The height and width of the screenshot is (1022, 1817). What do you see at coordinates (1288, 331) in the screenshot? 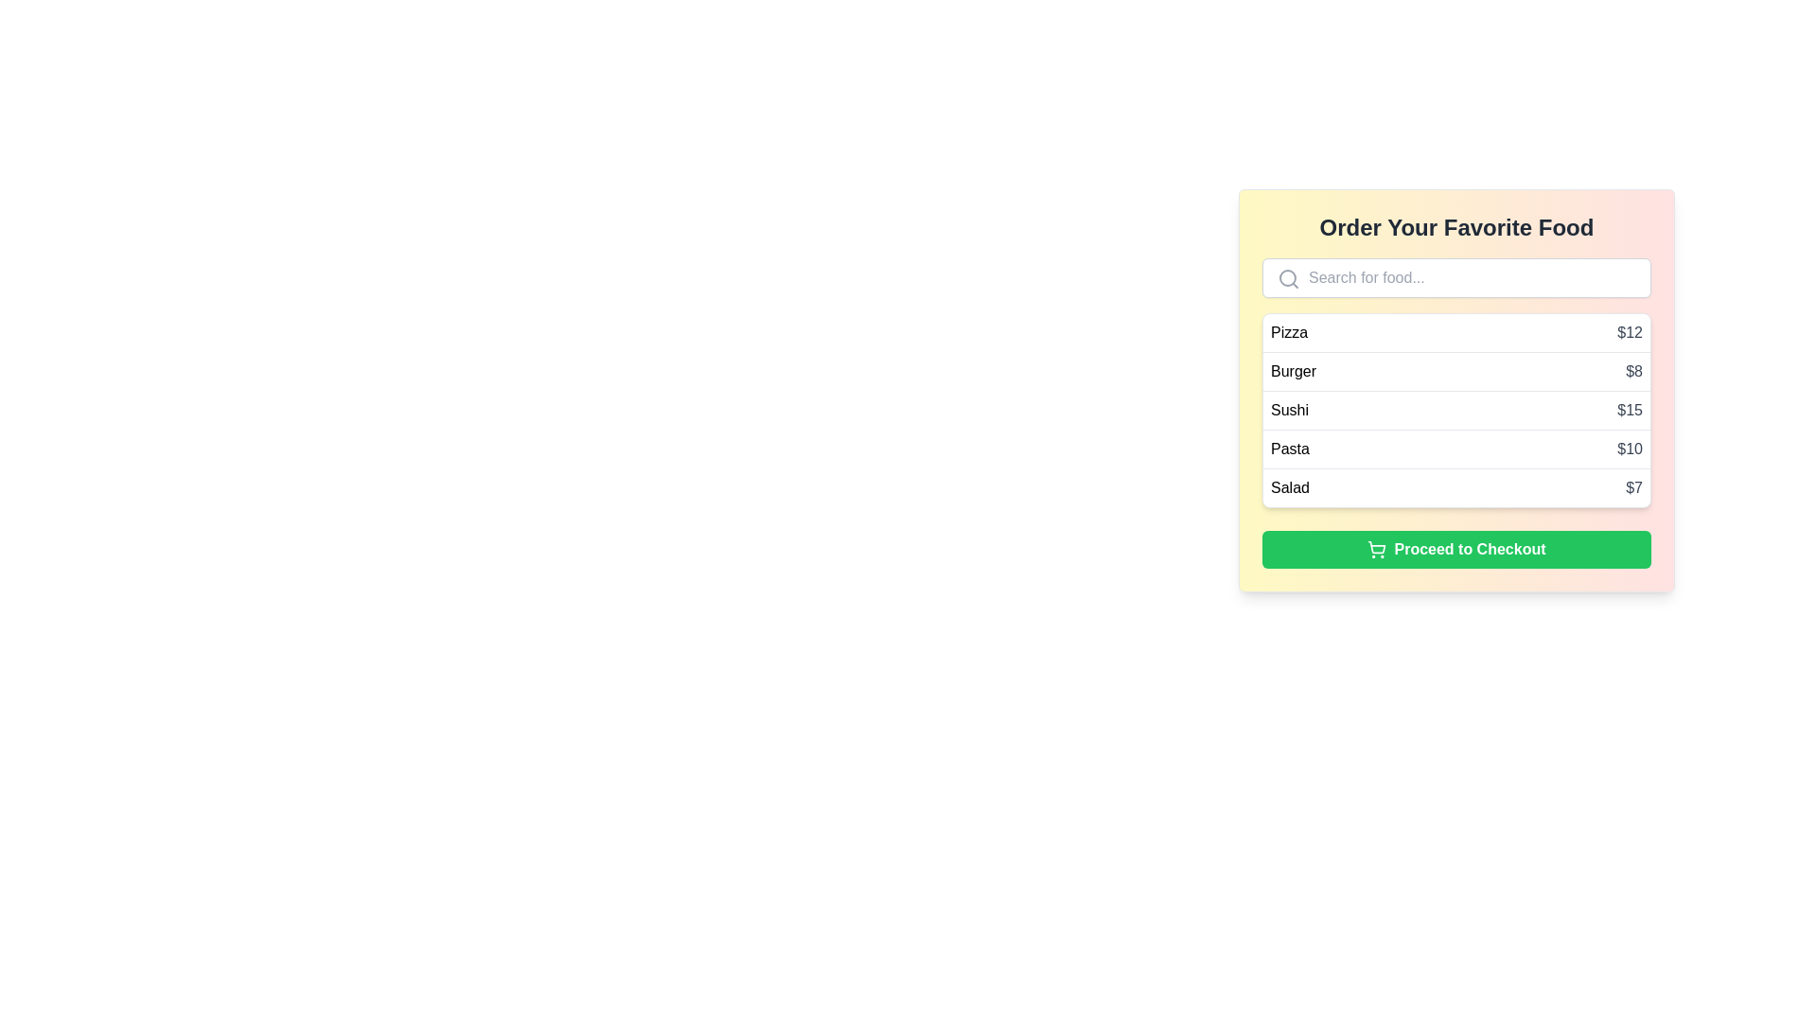
I see `the Text label displaying 'Pizza' in the menu interface` at bounding box center [1288, 331].